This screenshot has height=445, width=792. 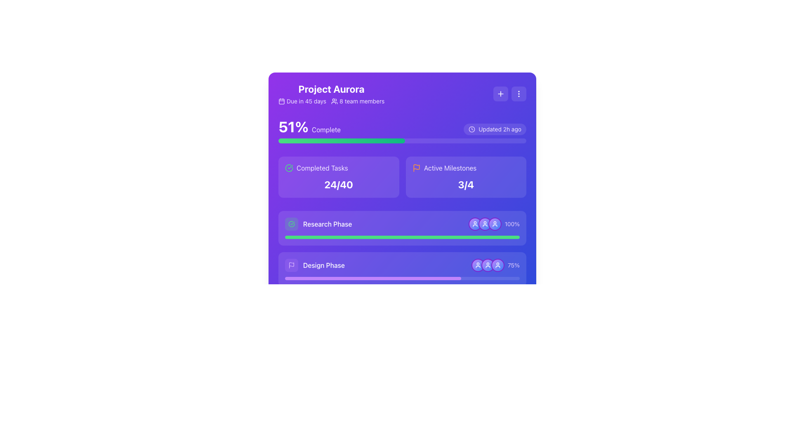 What do you see at coordinates (518, 93) in the screenshot?
I see `the vertical ellipsis icon located in the top-right section of the interface` at bounding box center [518, 93].